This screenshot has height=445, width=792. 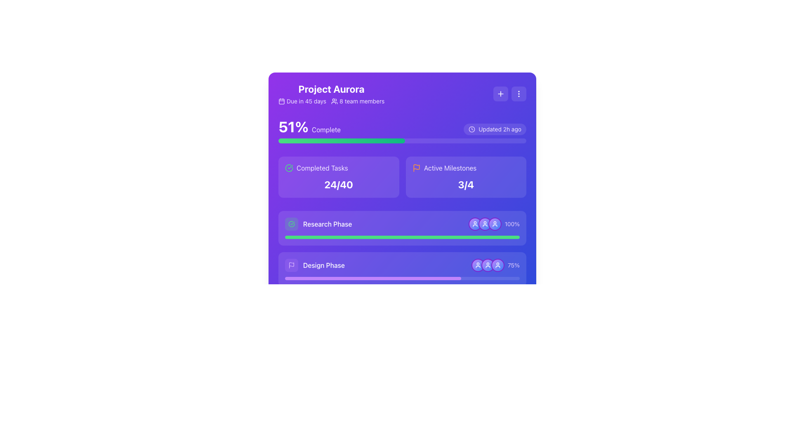 What do you see at coordinates (518, 93) in the screenshot?
I see `the vertical ellipsis icon located in the top-right section of the interface` at bounding box center [518, 93].